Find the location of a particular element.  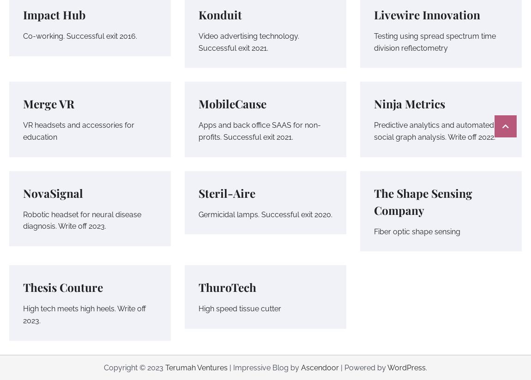

'Steril-Aire' is located at coordinates (227, 192).